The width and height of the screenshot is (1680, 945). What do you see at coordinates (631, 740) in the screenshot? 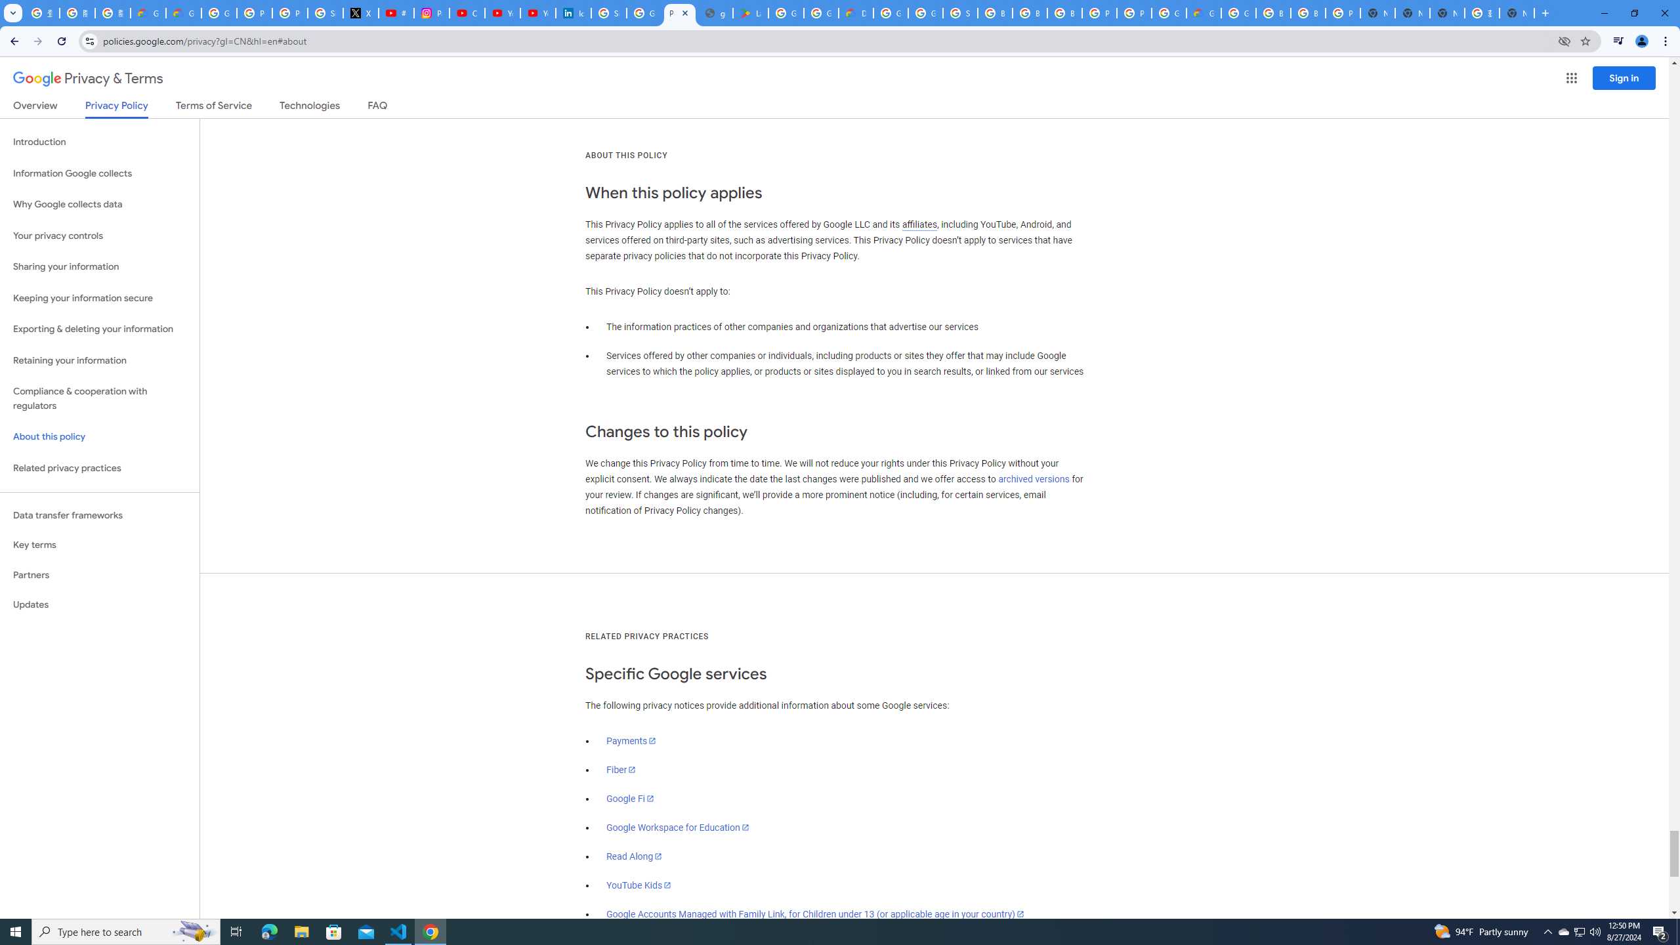
I see `'Payments'` at bounding box center [631, 740].